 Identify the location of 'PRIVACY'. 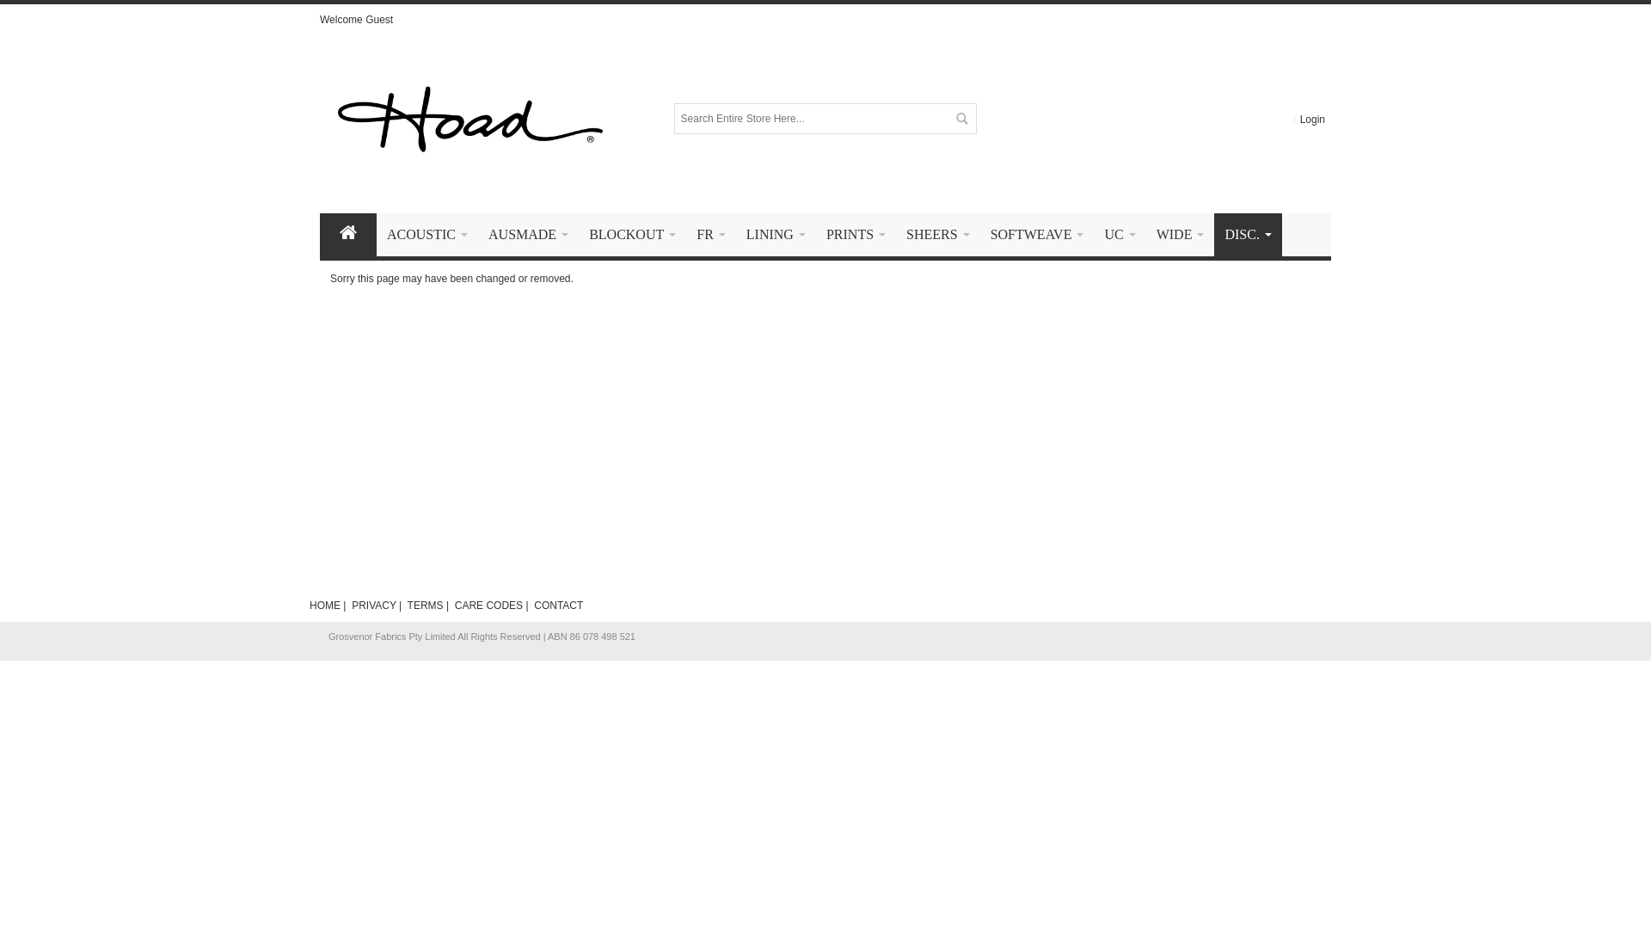
(373, 605).